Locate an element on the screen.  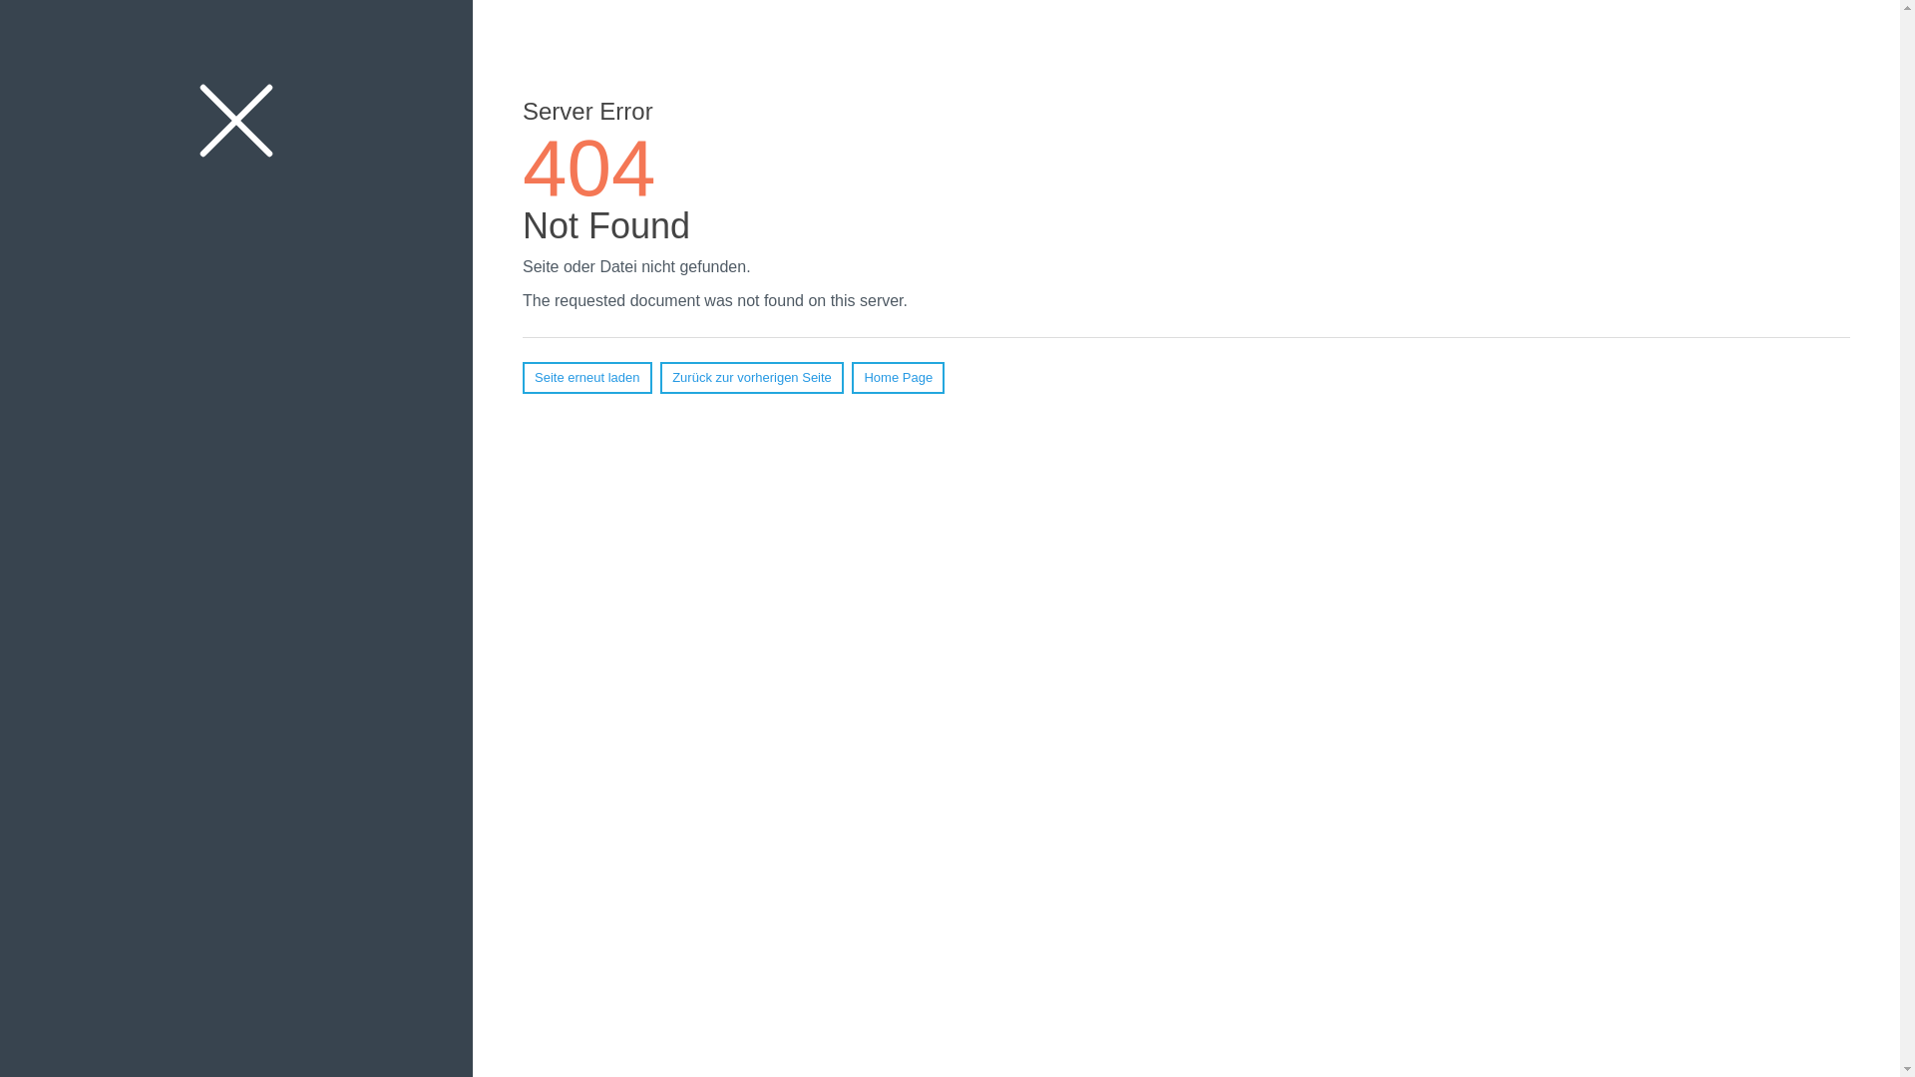
'Home Page' is located at coordinates (897, 377).